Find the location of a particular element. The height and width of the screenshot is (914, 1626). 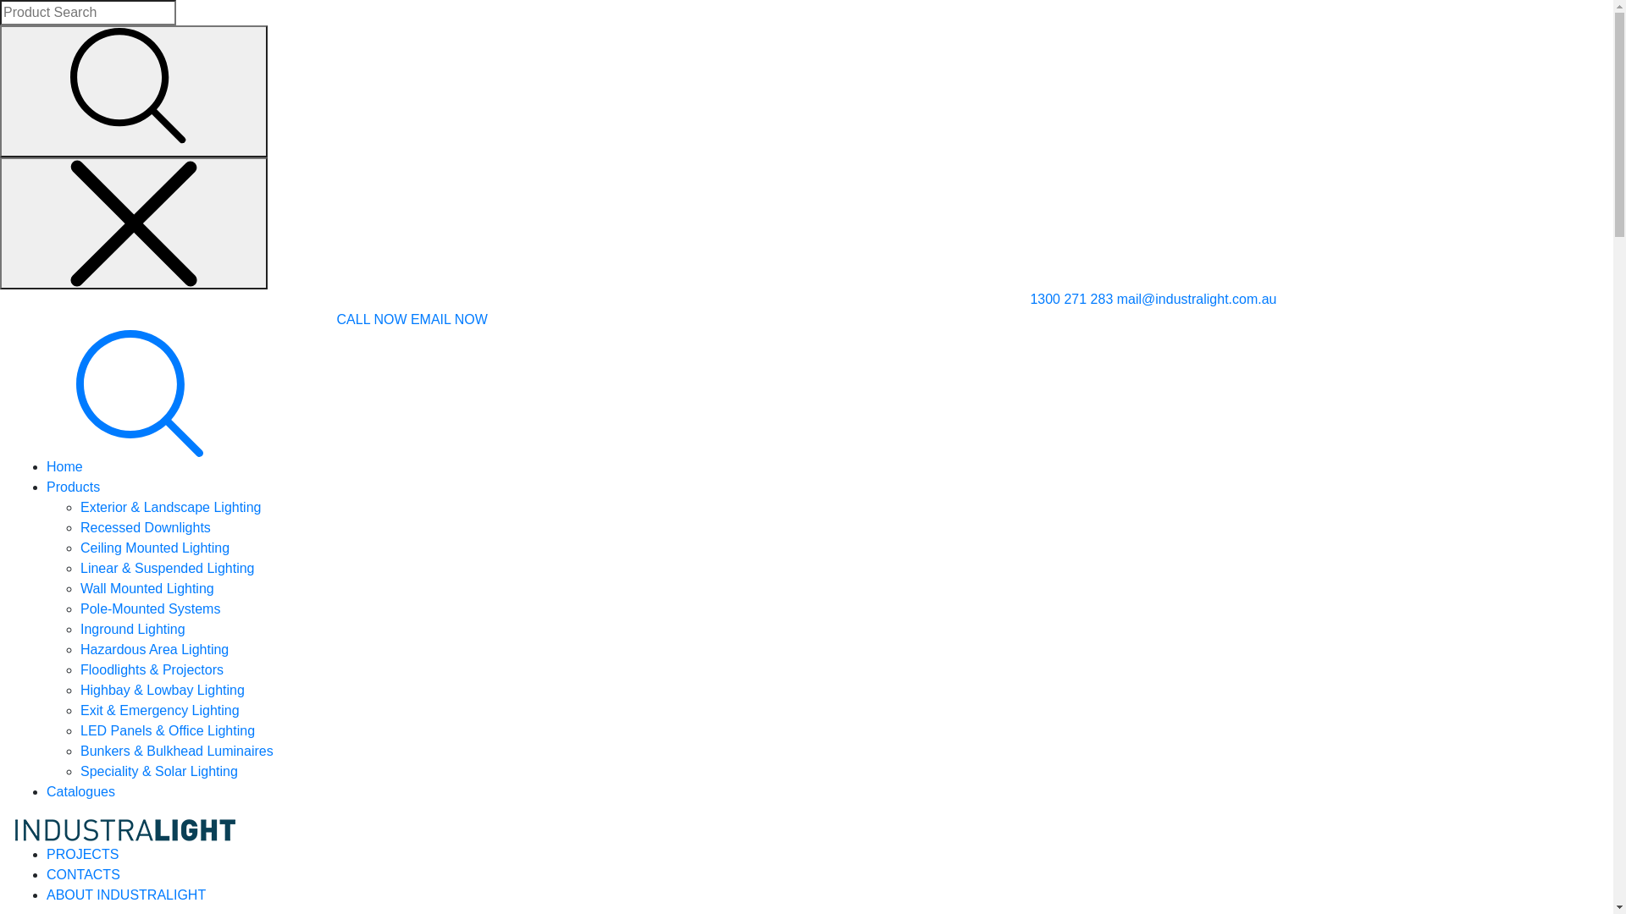

'Pole-Mounted Systems' is located at coordinates (150, 608).